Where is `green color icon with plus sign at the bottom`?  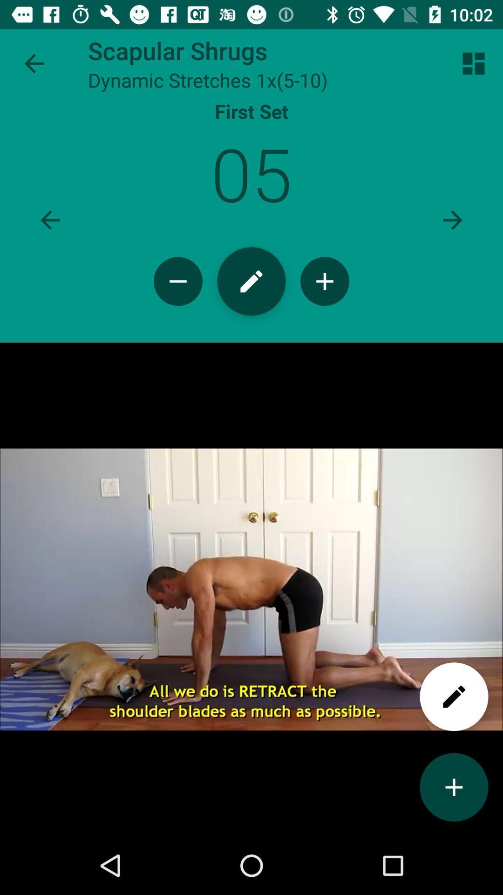
green color icon with plus sign at the bottom is located at coordinates (454, 787).